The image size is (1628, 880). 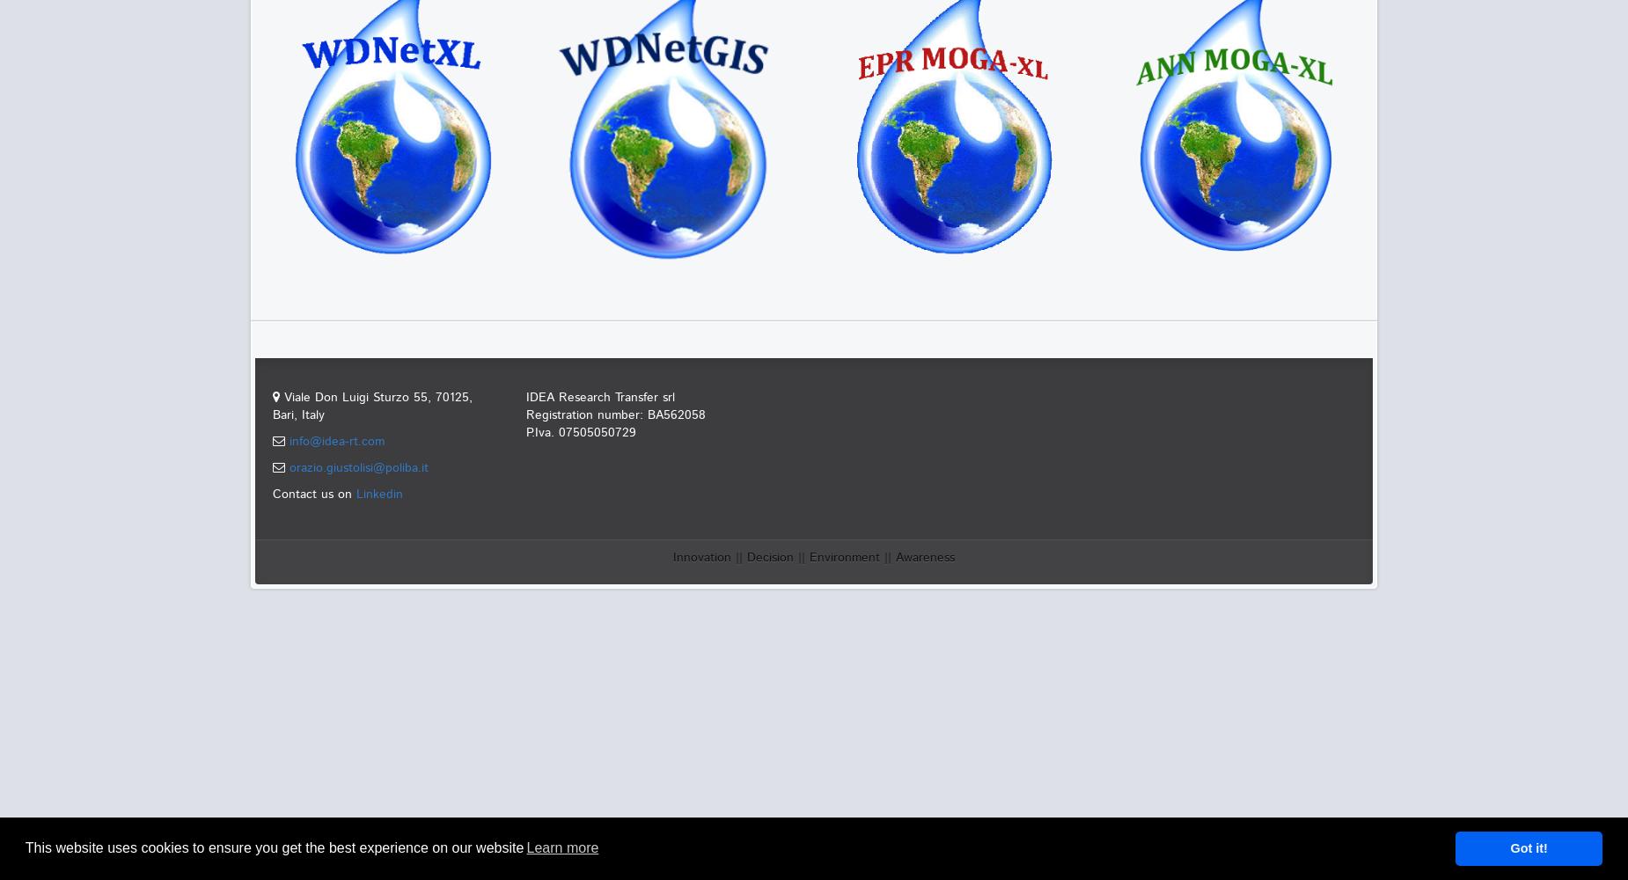 What do you see at coordinates (525, 847) in the screenshot?
I see `'Learn more'` at bounding box center [525, 847].